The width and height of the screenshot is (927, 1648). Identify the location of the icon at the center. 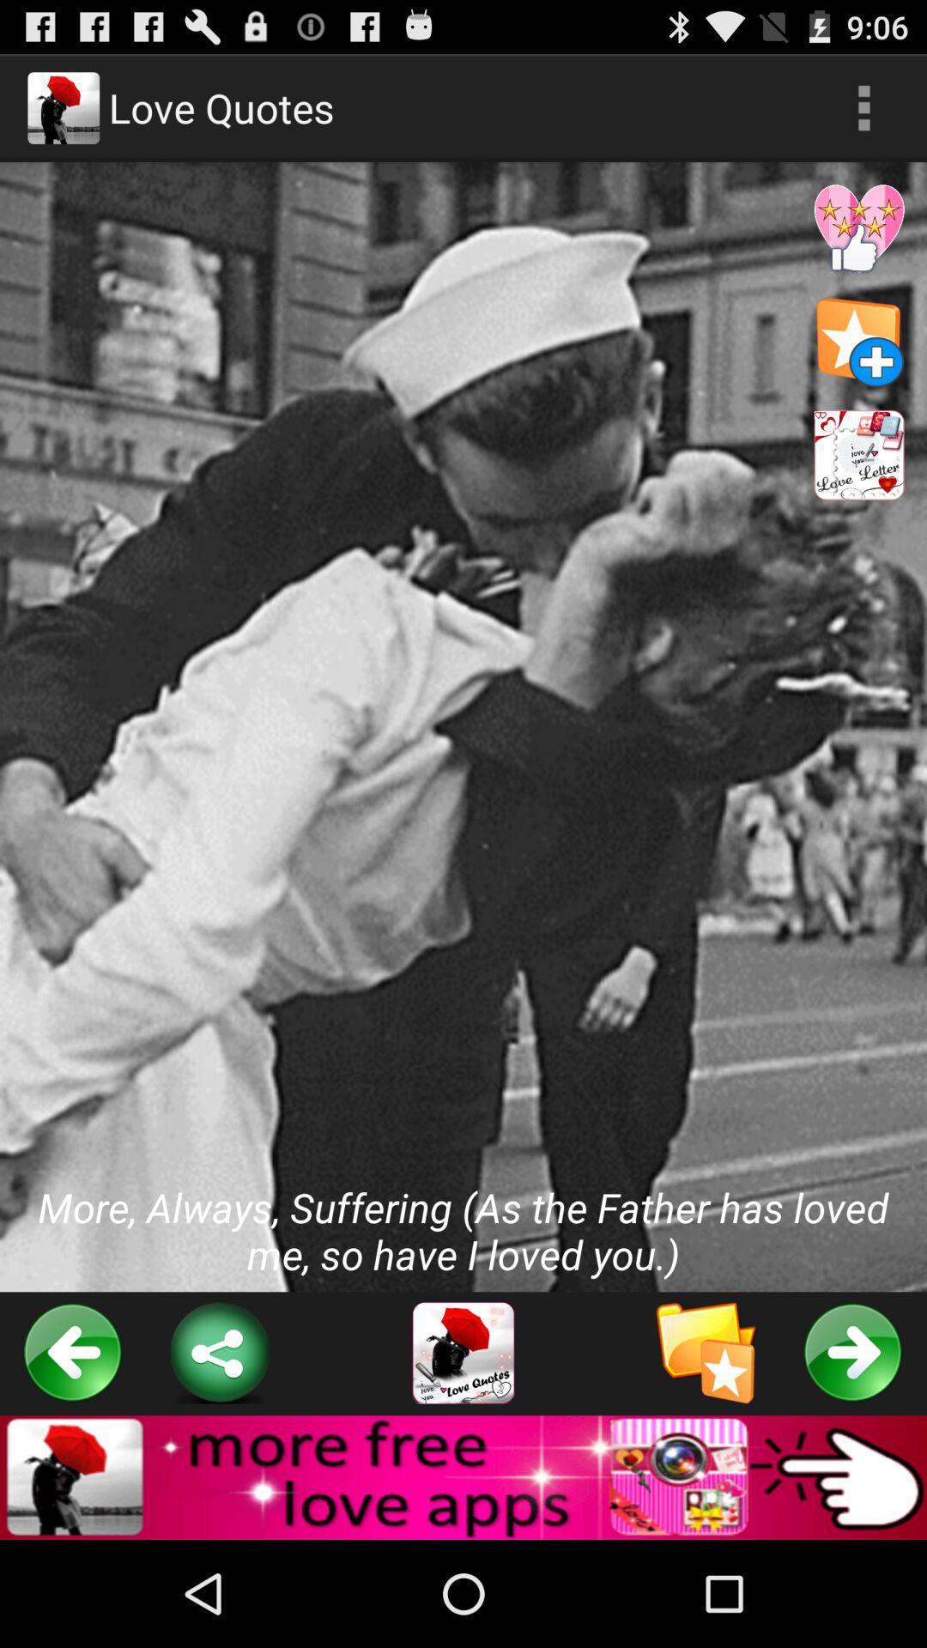
(463, 727).